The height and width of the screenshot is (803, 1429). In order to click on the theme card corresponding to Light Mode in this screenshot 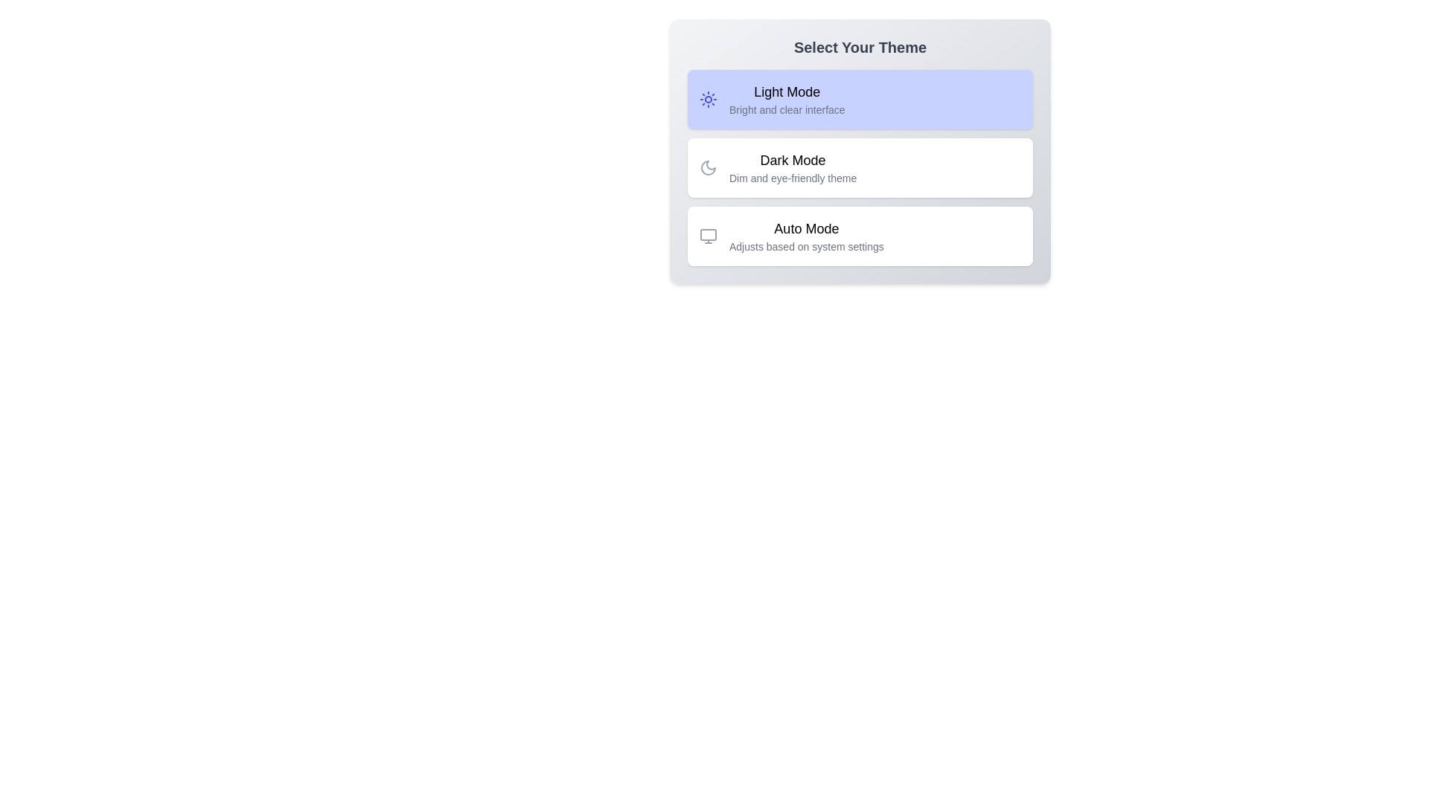, I will do `click(860, 100)`.